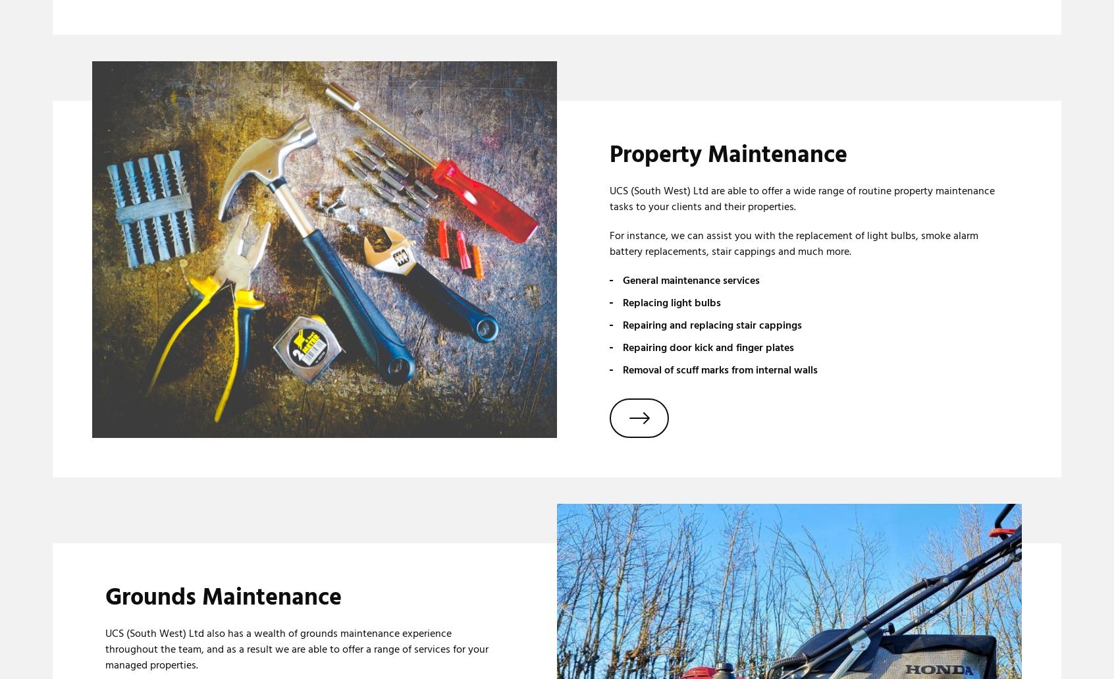  Describe the element at coordinates (622, 369) in the screenshot. I see `'Removal of scuff marks from internal walls'` at that location.